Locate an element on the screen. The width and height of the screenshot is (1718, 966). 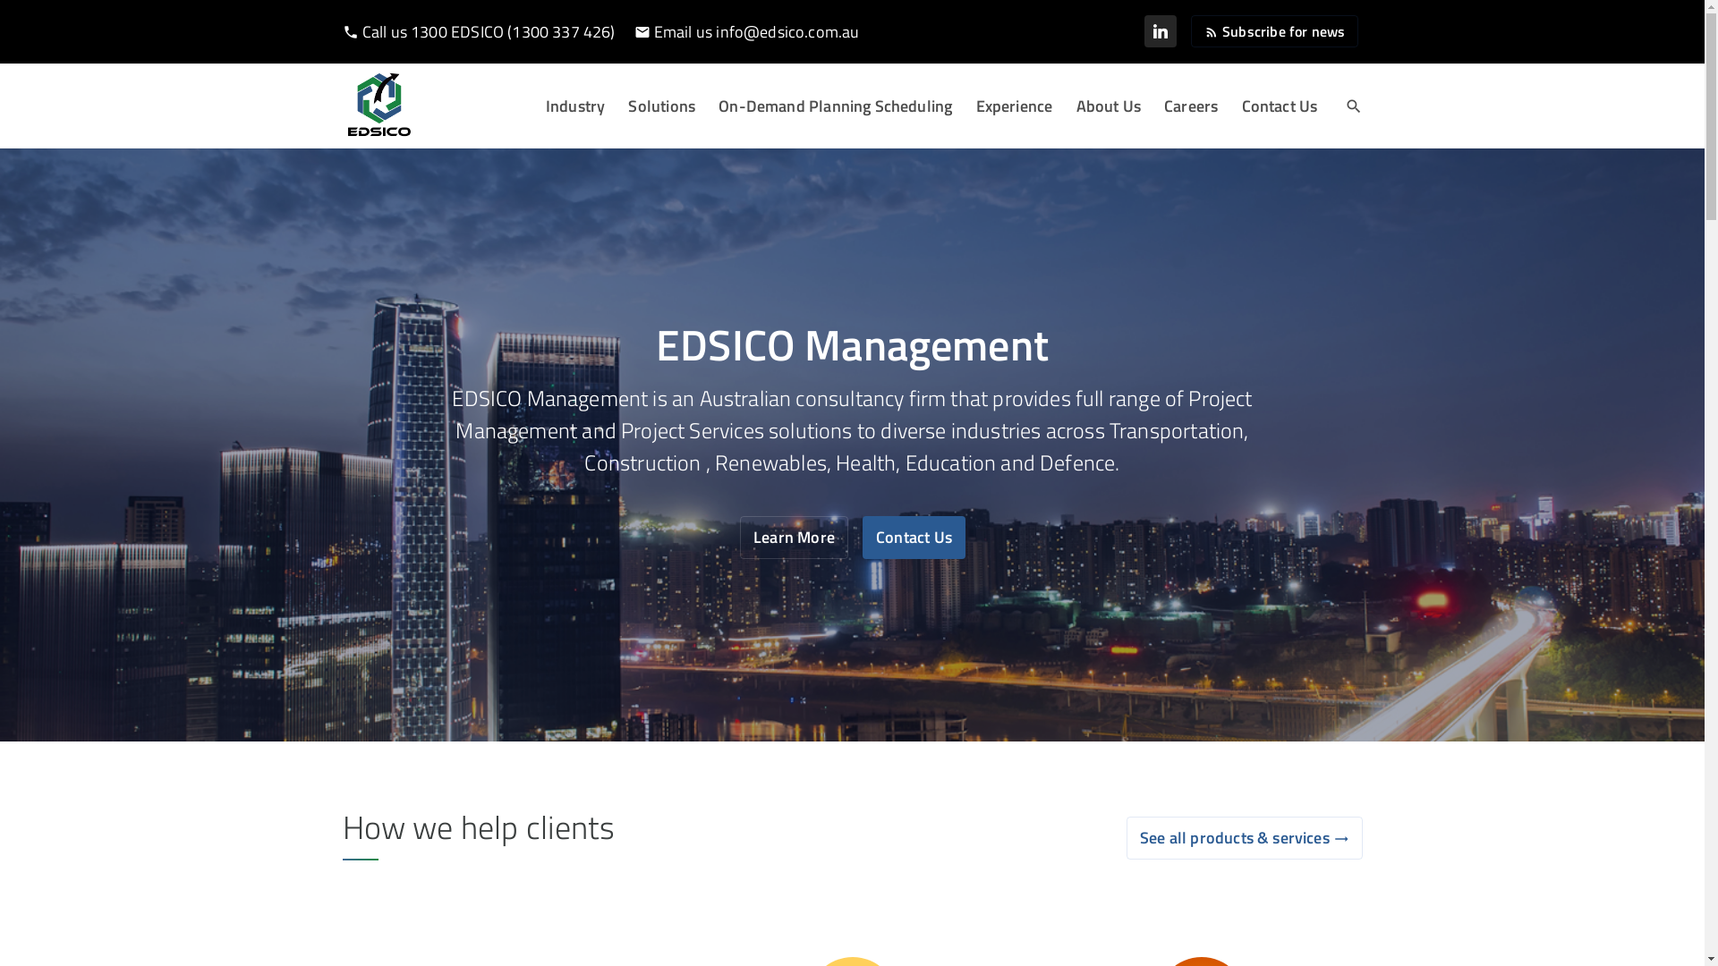
'About Us' is located at coordinates (1107, 106).